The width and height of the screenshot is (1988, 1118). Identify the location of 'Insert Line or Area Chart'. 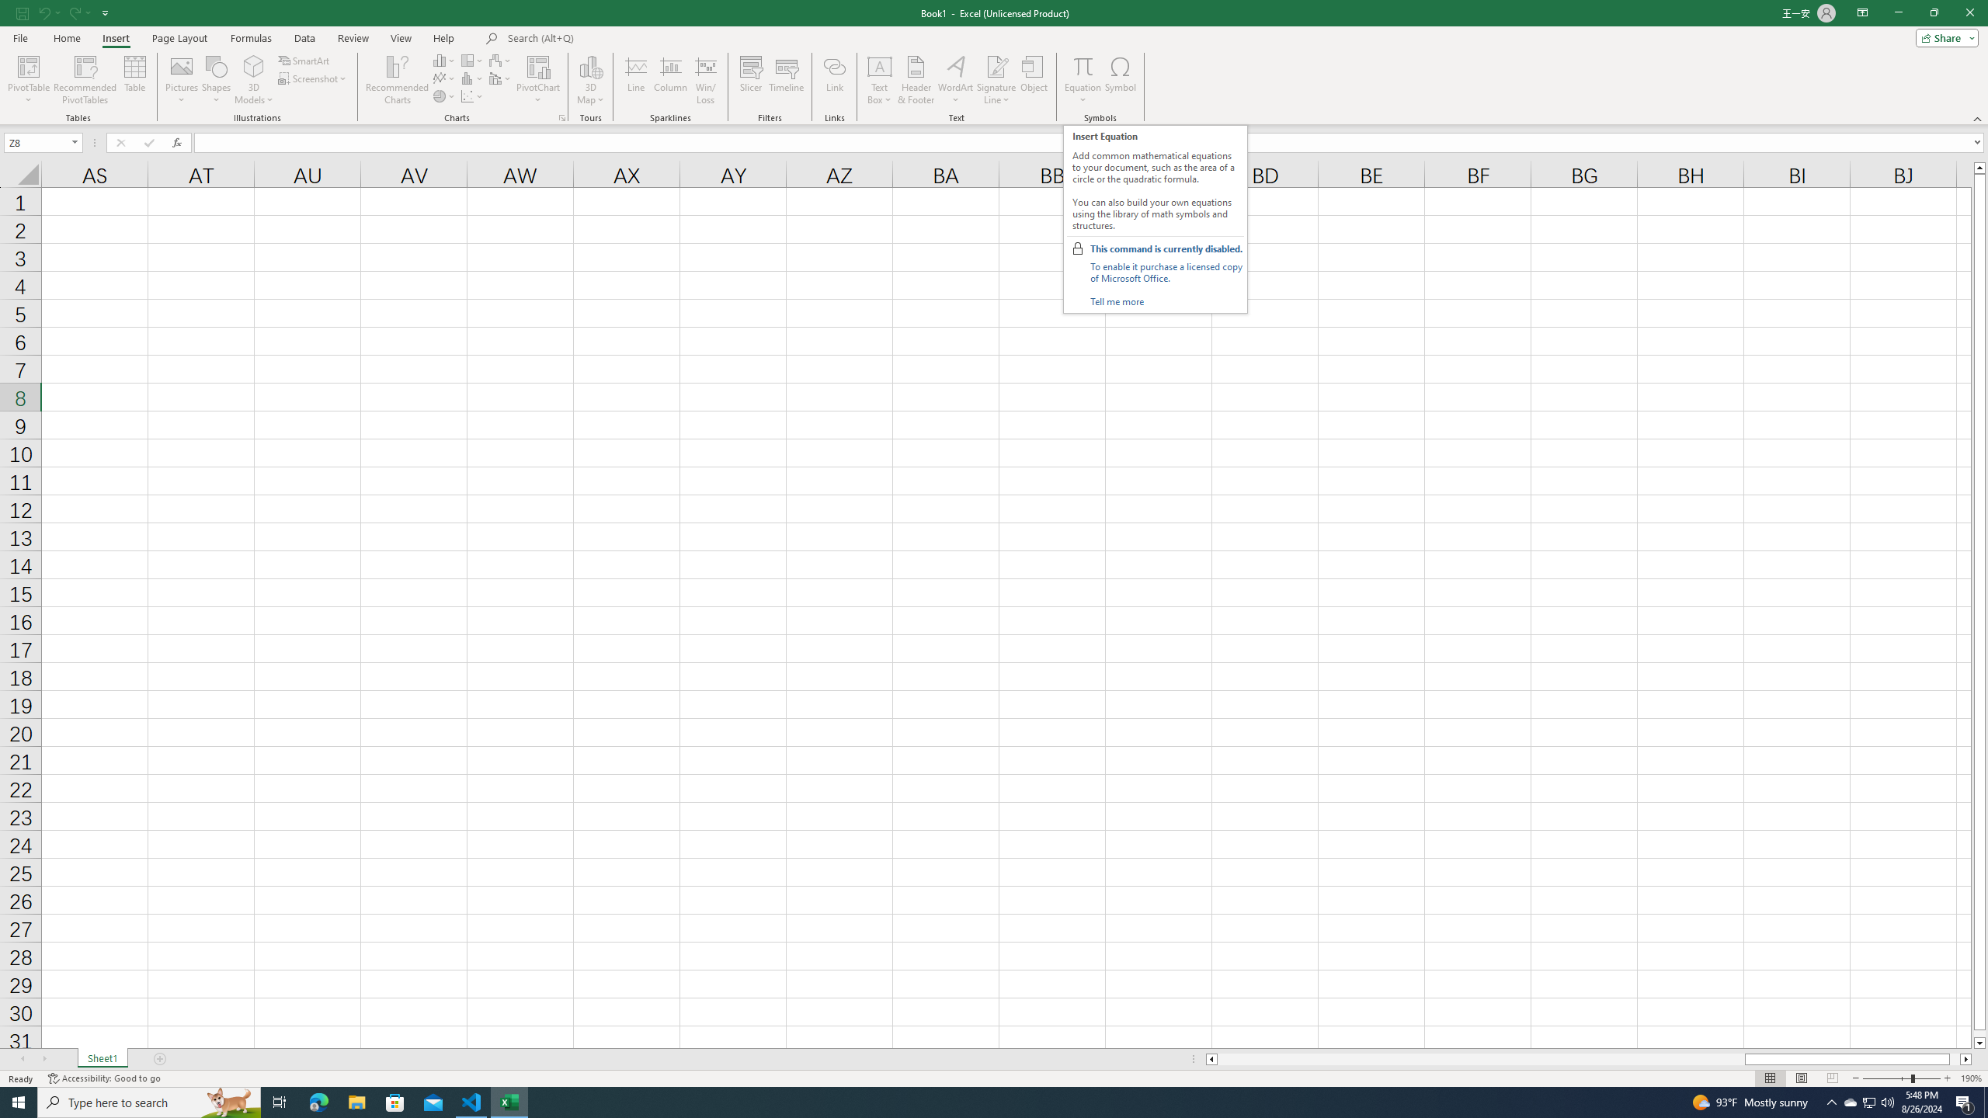
(444, 77).